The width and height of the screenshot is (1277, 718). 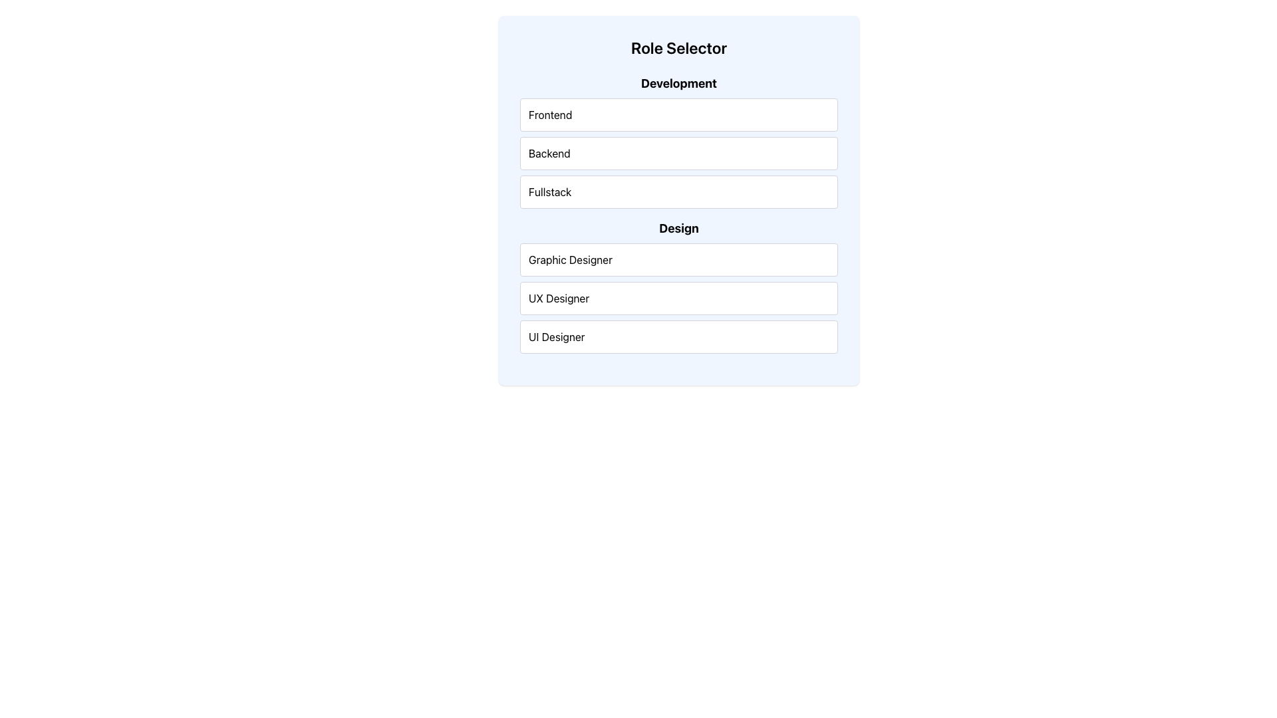 I want to click on the text label at the top of the 'Development' category, so click(x=550, y=114).